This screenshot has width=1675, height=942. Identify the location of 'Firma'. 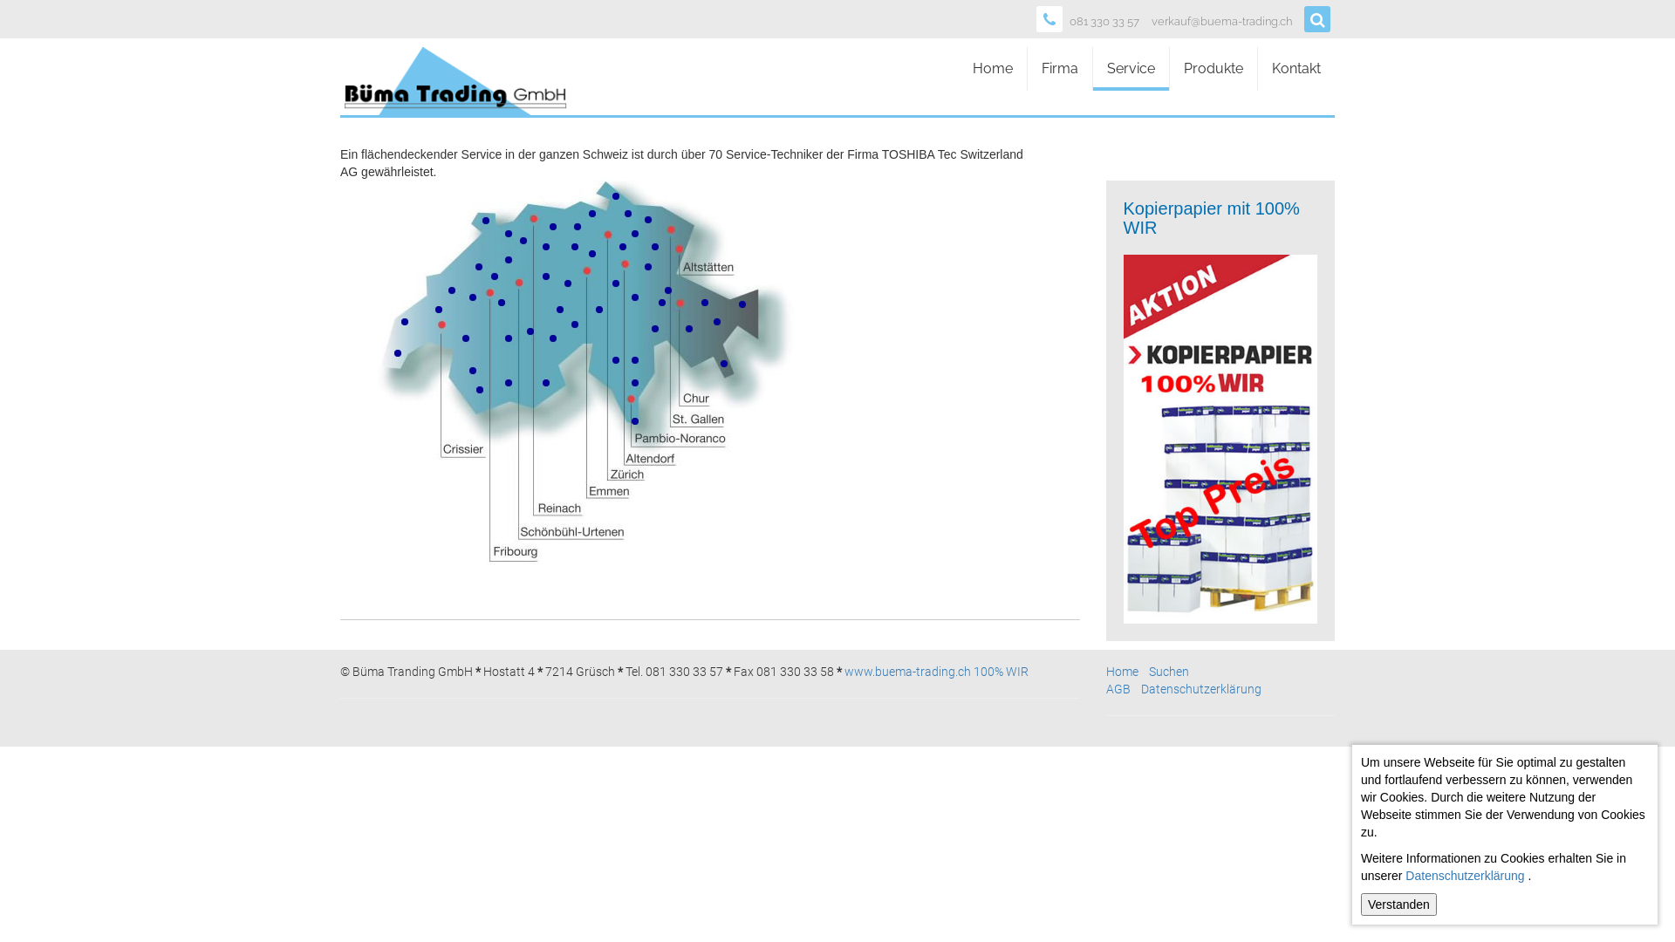
(1058, 67).